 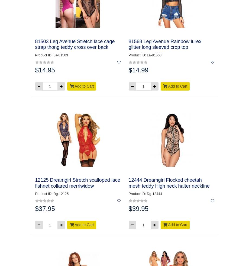 What do you see at coordinates (138, 70) in the screenshot?
I see `'$14.99'` at bounding box center [138, 70].